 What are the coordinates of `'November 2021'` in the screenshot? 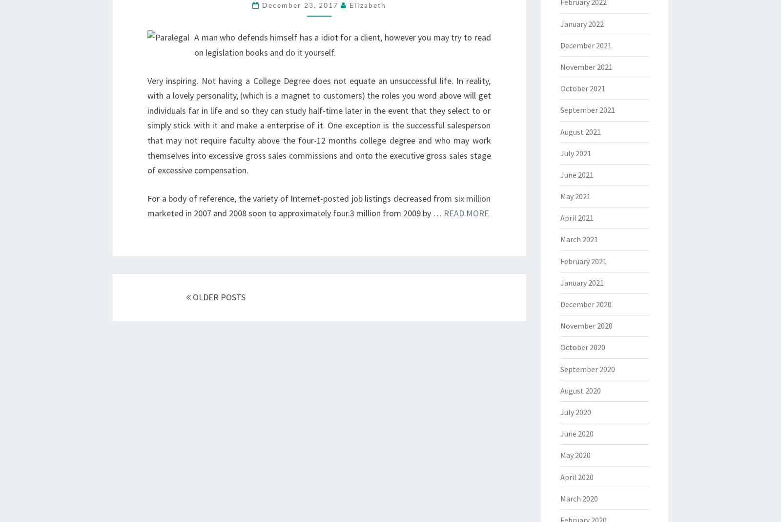 It's located at (586, 66).